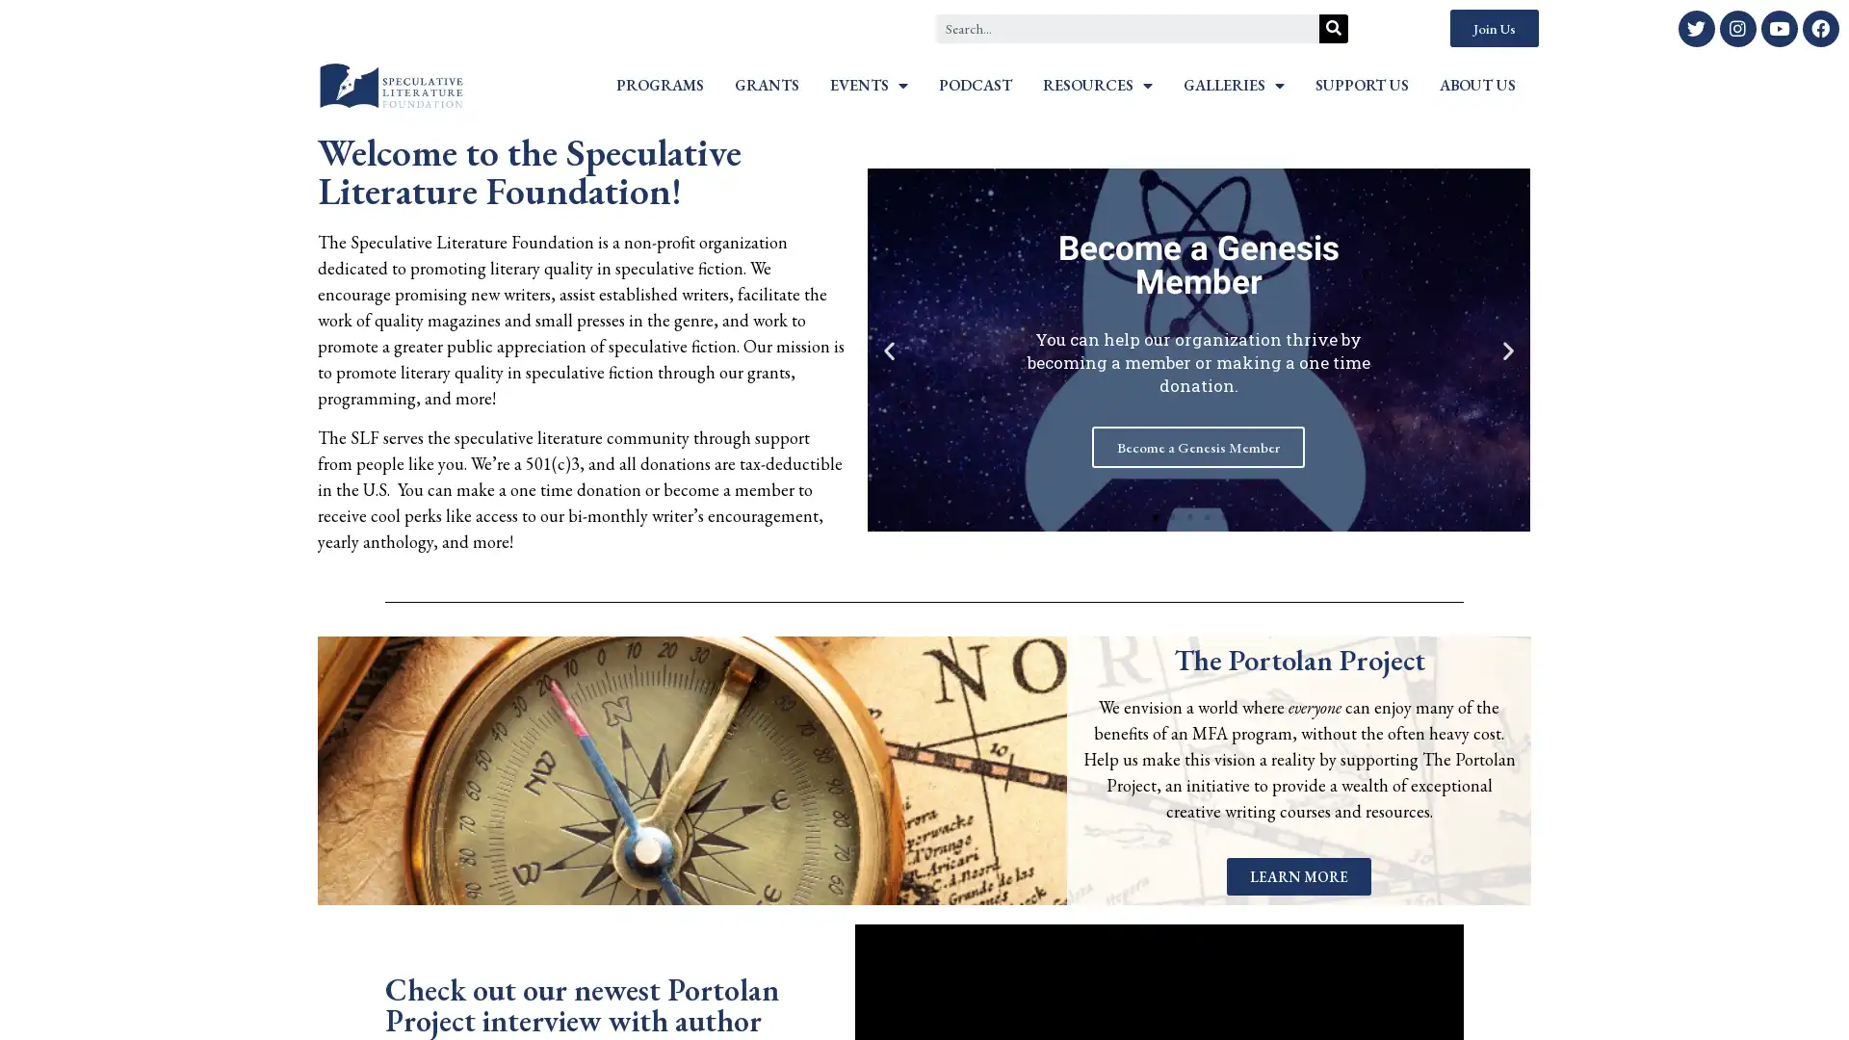 The width and height of the screenshot is (1849, 1040). I want to click on Go to slide 1, so click(1156, 515).